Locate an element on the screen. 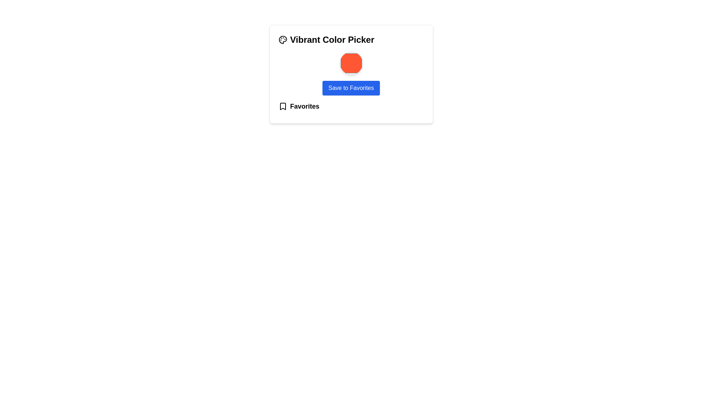 Image resolution: width=702 pixels, height=395 pixels. the 'Favorite' icon located at the bottom-left of the card component next to the text 'Favorites' is located at coordinates (282, 106).